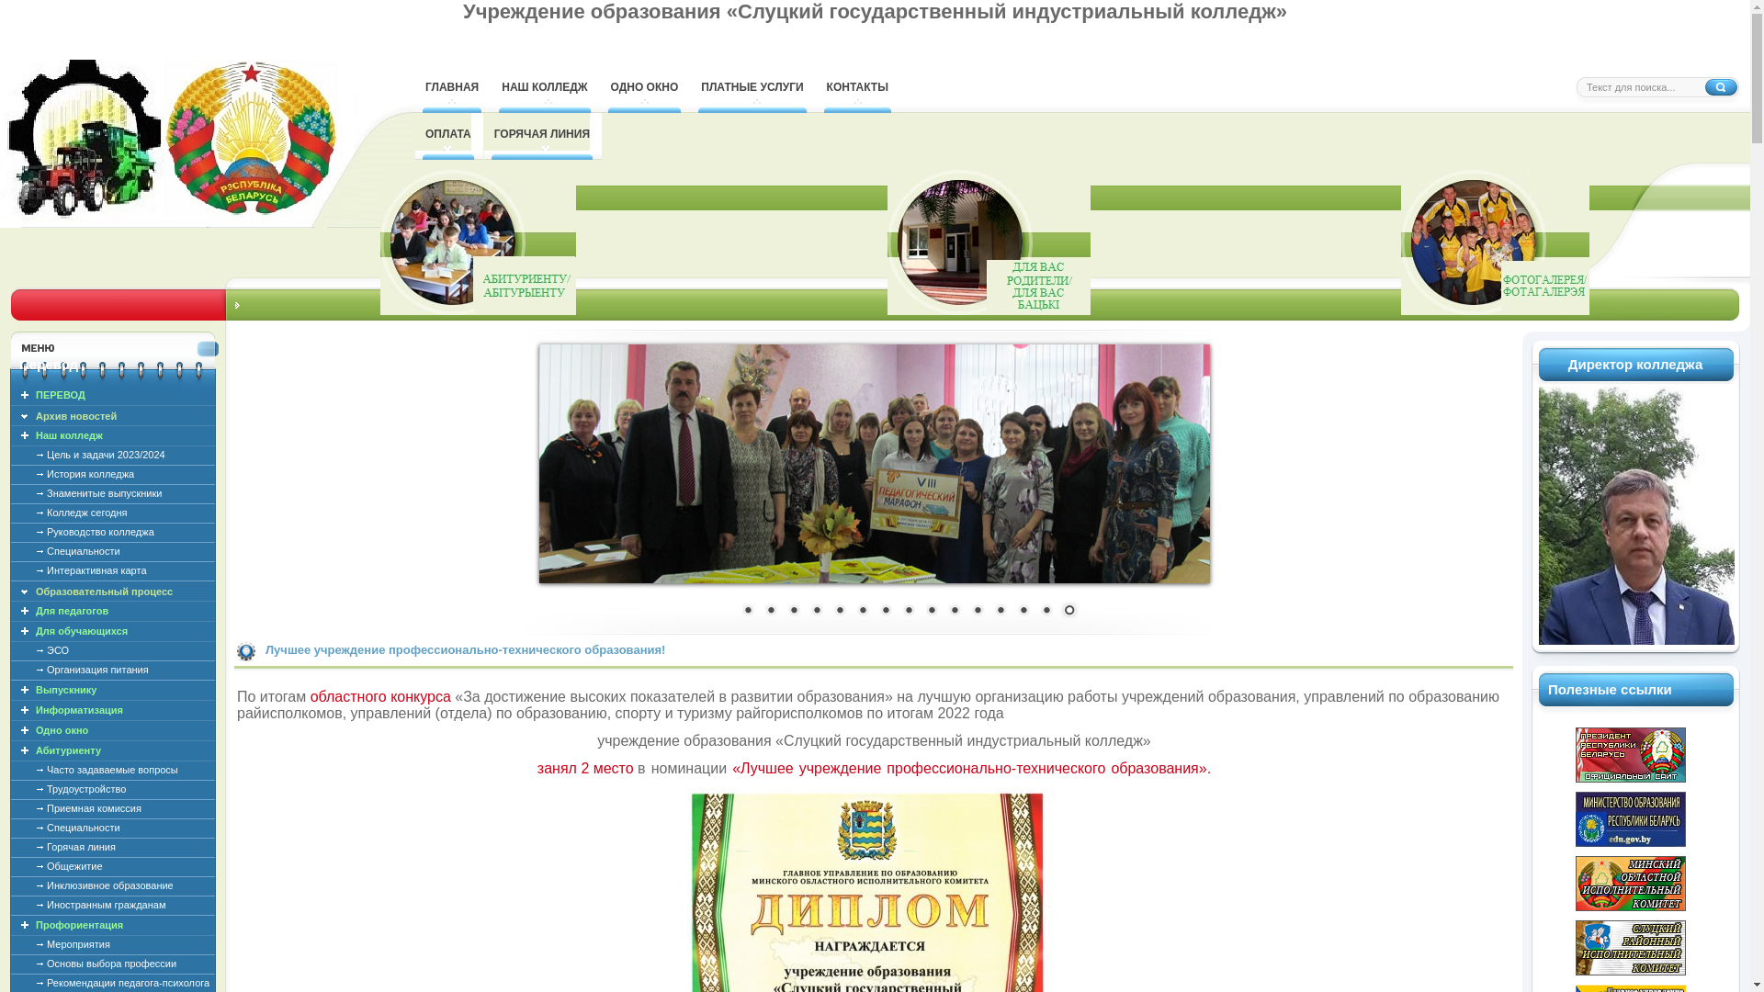 This screenshot has height=992, width=1764. Describe the element at coordinates (771, 612) in the screenshot. I see `'2'` at that location.